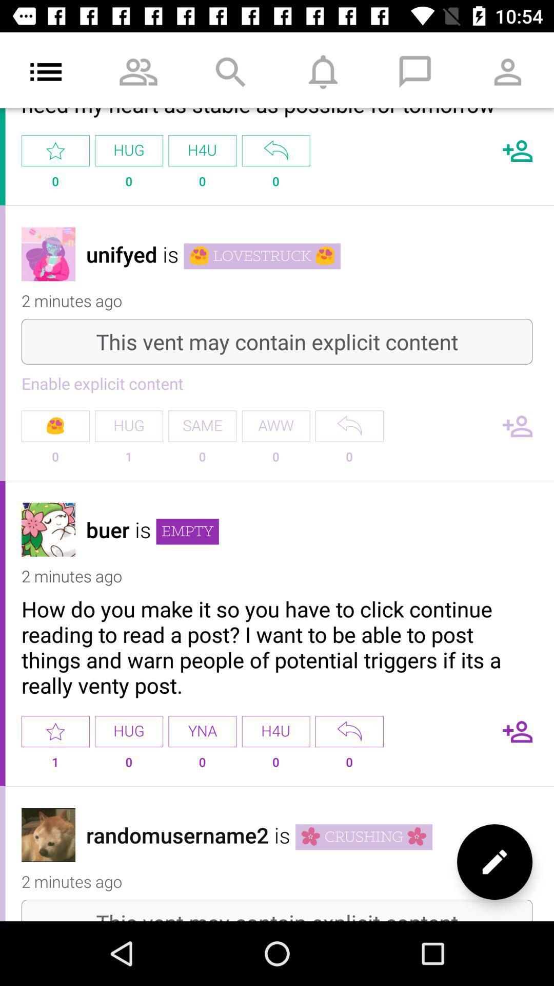 The image size is (554, 986). Describe the element at coordinates (275, 150) in the screenshot. I see `te conoceran de verdad` at that location.